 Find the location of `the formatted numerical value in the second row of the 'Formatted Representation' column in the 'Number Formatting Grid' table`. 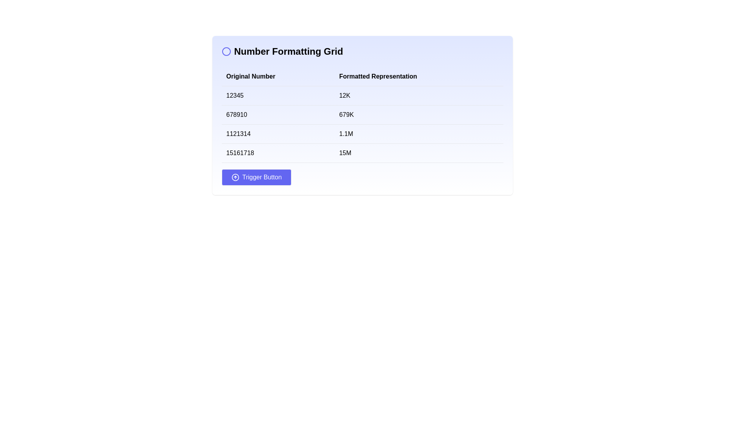

the formatted numerical value in the second row of the 'Formatted Representation' column in the 'Number Formatting Grid' table is located at coordinates (418, 114).